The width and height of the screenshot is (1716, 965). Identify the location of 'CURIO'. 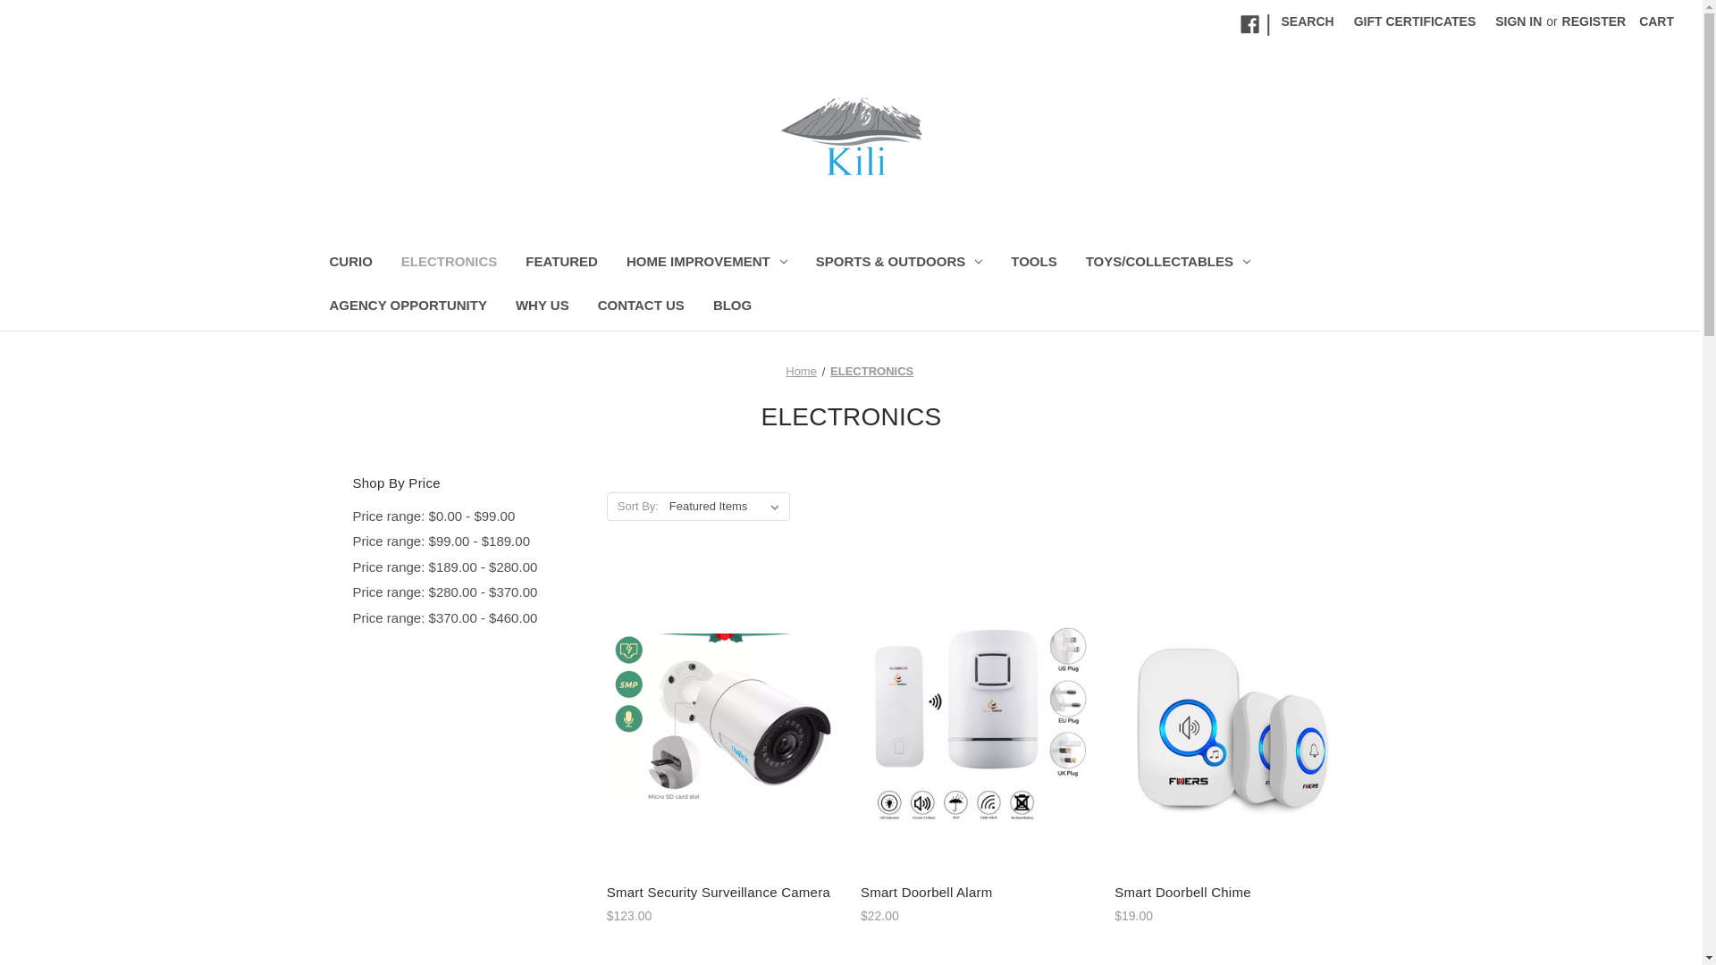
(350, 264).